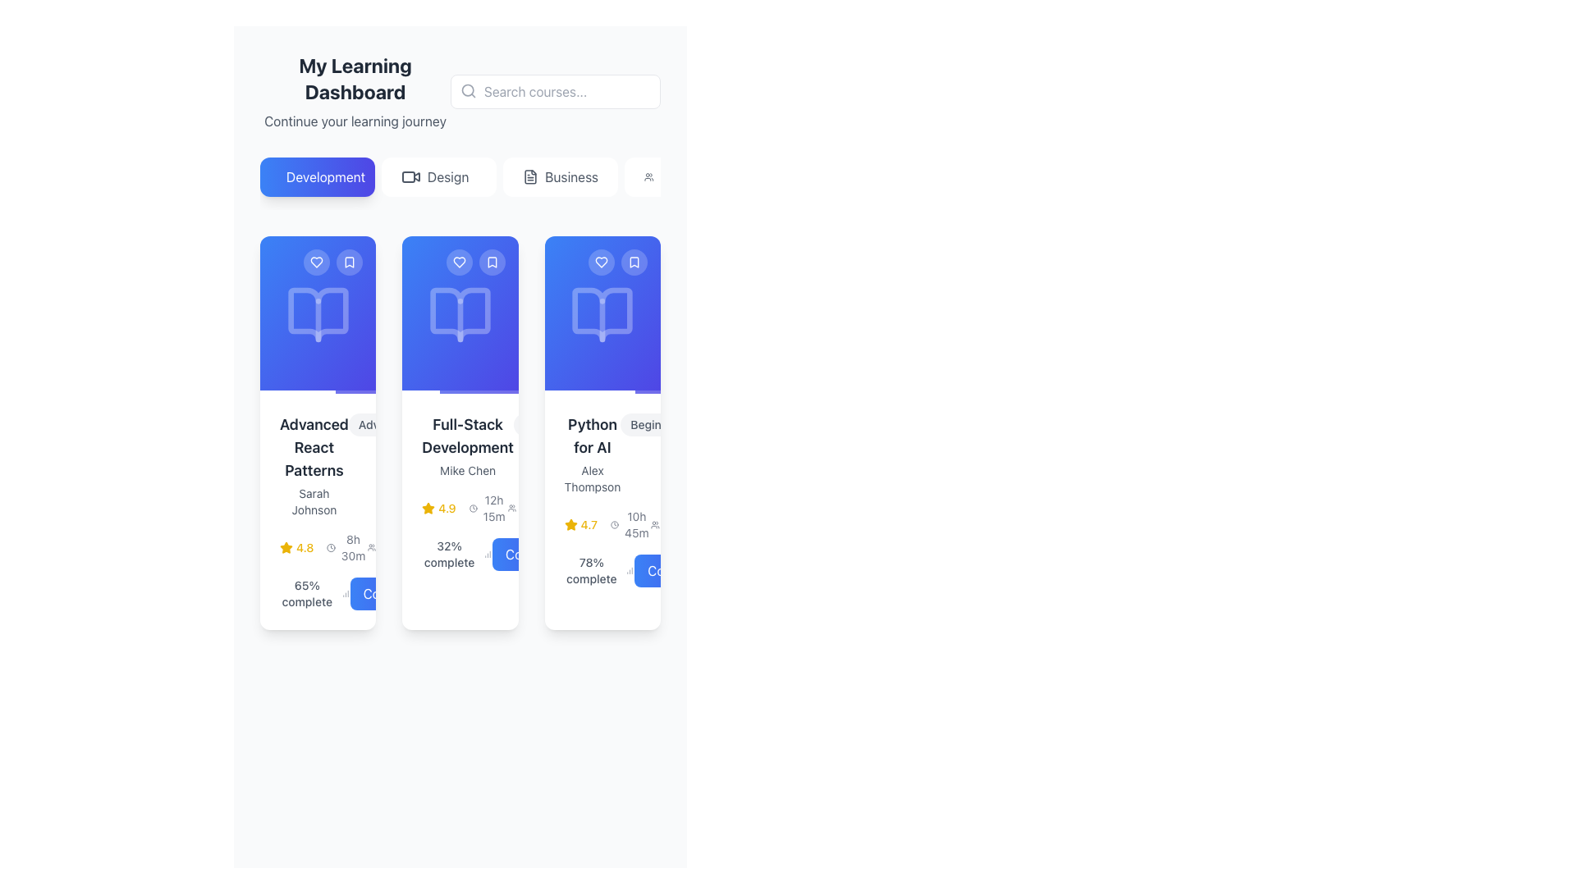 This screenshot has height=886, width=1576. Describe the element at coordinates (317, 262) in the screenshot. I see `the favorite button icon located at the top center of the first learning card to favorite or like the associated course content` at that location.